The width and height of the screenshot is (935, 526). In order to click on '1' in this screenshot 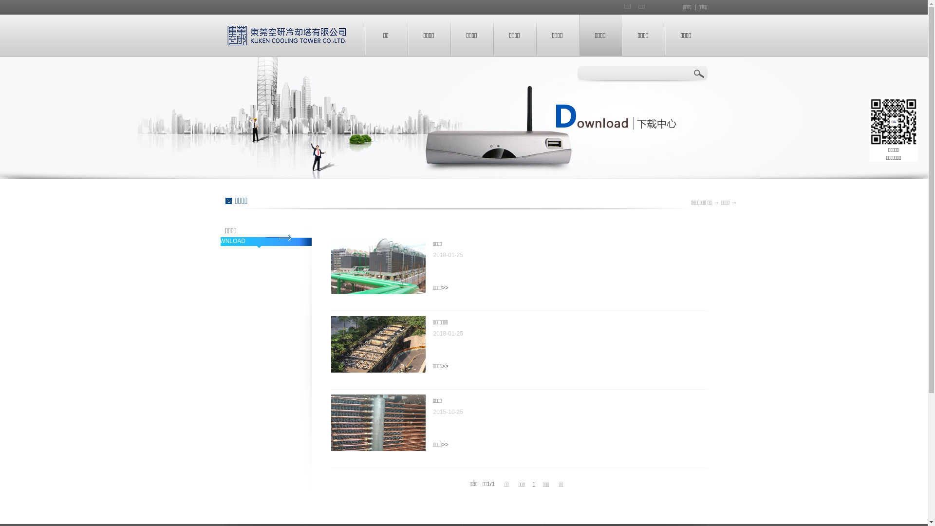, I will do `click(533, 485)`.